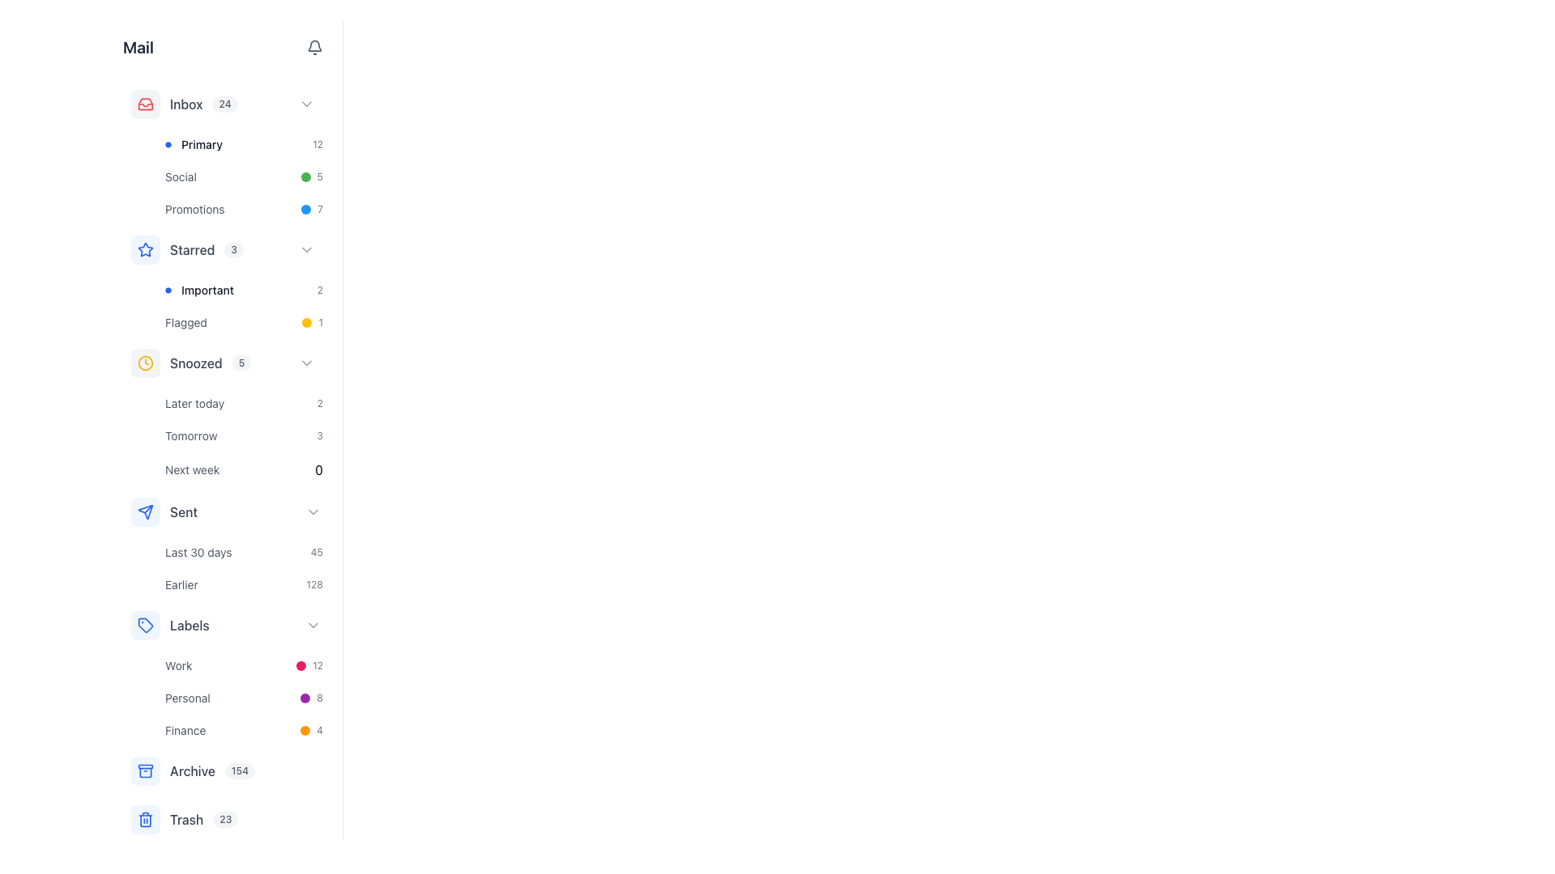 This screenshot has height=874, width=1555. What do you see at coordinates (146, 249) in the screenshot?
I see `the blue star-shaped icon located in the left-hand menu panel under the 'Starred' section to interact with it` at bounding box center [146, 249].